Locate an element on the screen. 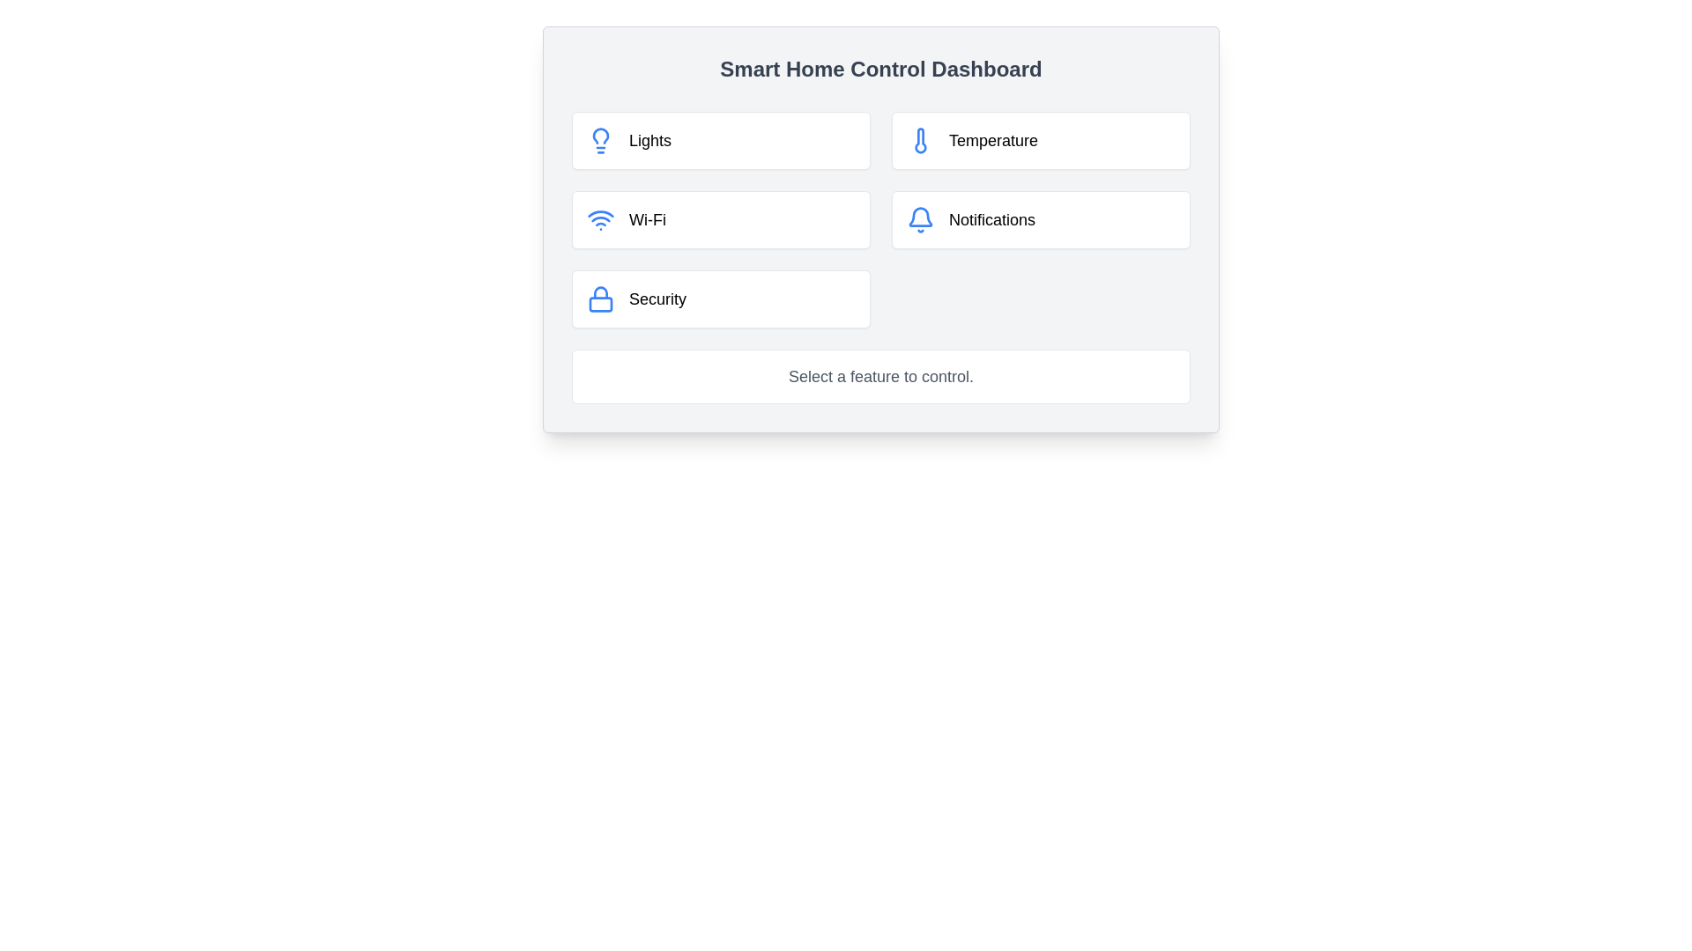  the text label that reads 'Select a feature to control.' located centrally within the white background panel of the 'Smart Home Control Dashboard' is located at coordinates (880, 376).